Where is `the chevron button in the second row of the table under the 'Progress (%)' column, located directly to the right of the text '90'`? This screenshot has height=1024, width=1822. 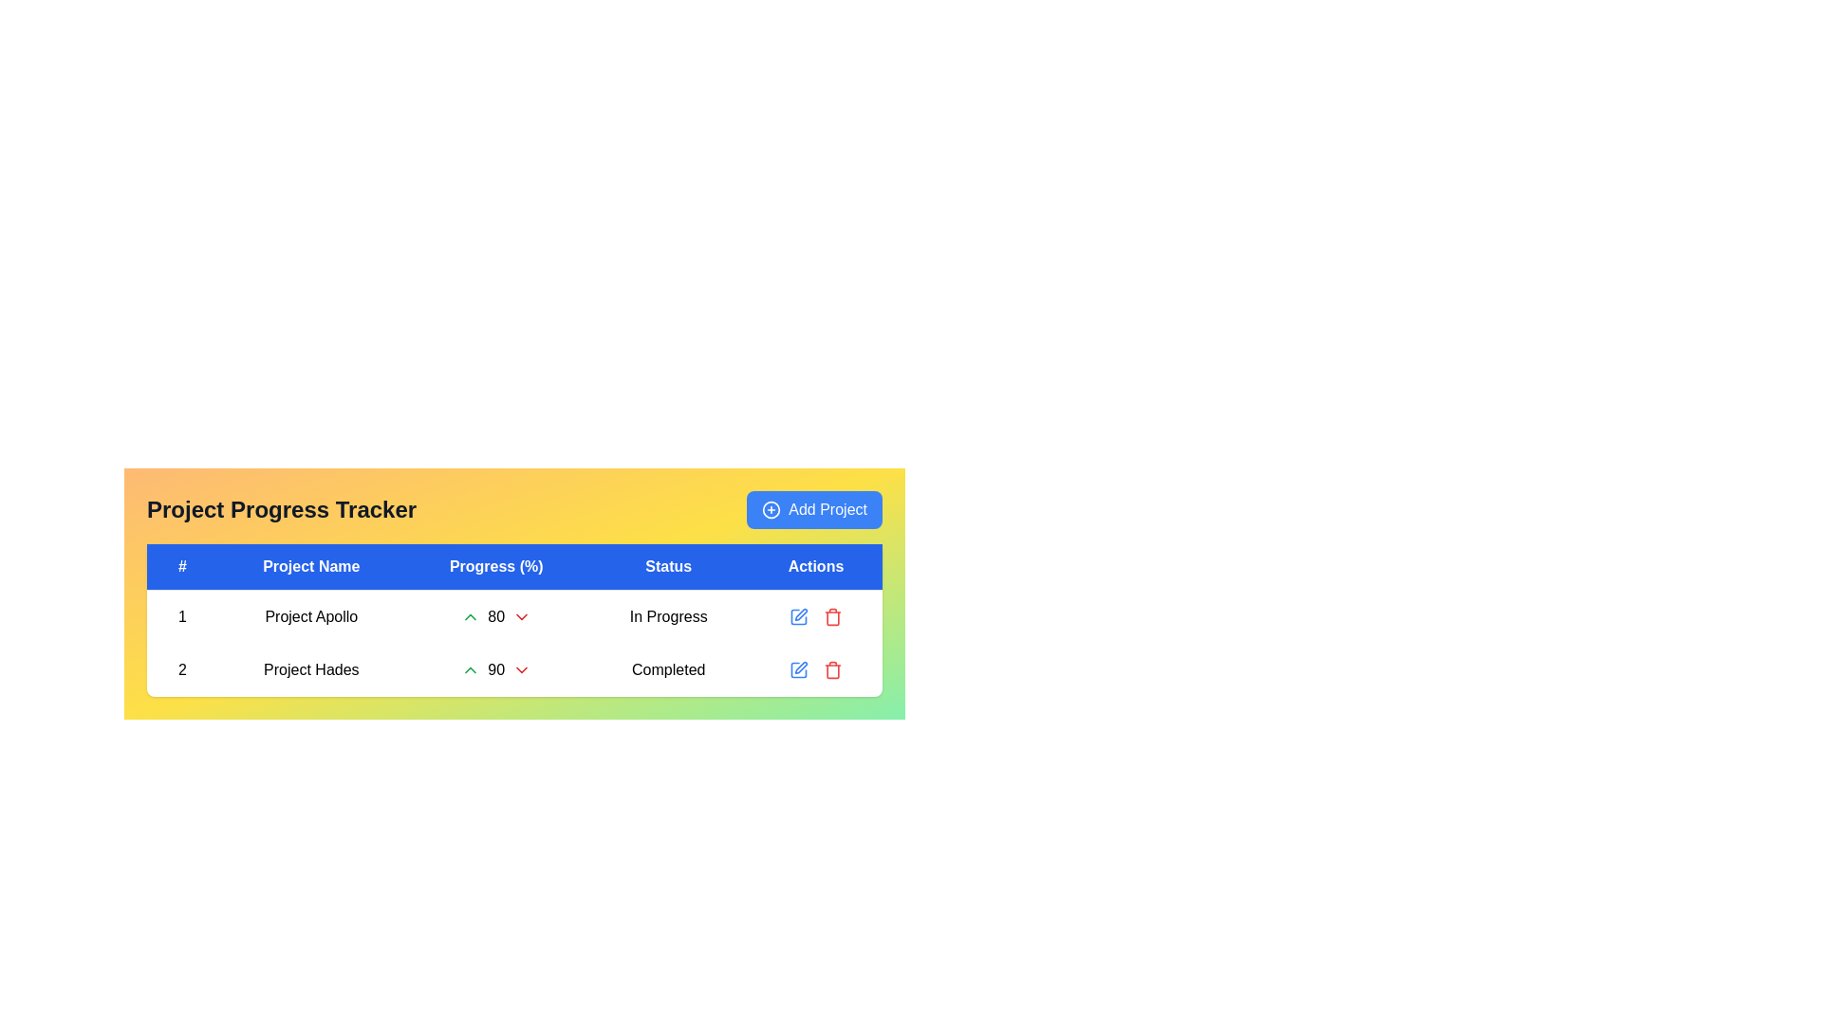 the chevron button in the second row of the table under the 'Progress (%)' column, located directly to the right of the text '90' is located at coordinates (522, 668).